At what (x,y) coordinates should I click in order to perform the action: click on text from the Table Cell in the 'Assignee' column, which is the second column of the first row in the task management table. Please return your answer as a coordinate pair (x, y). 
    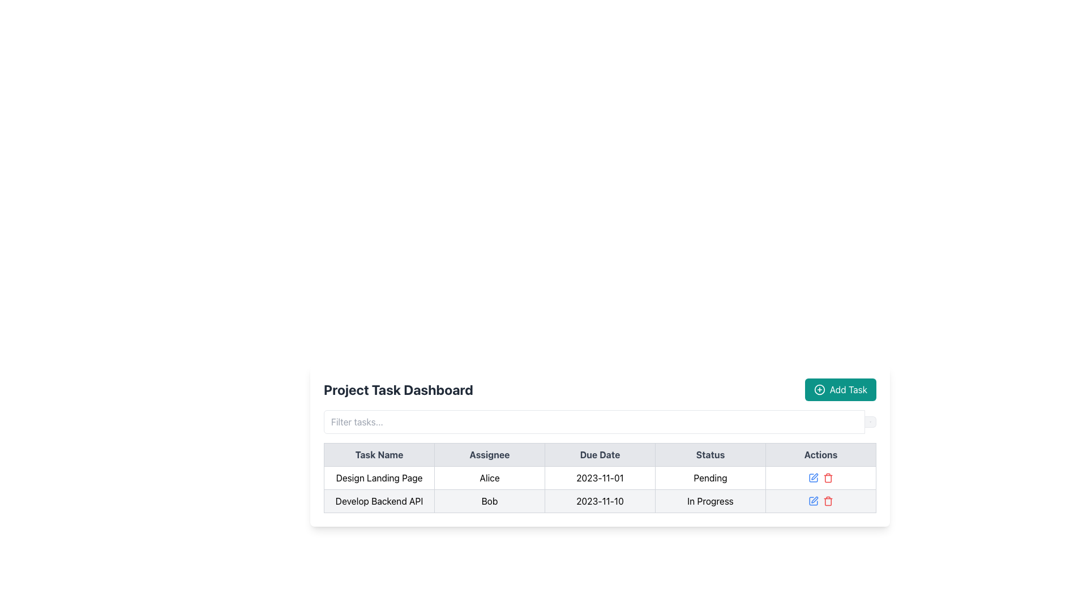
    Looking at the image, I should click on (489, 477).